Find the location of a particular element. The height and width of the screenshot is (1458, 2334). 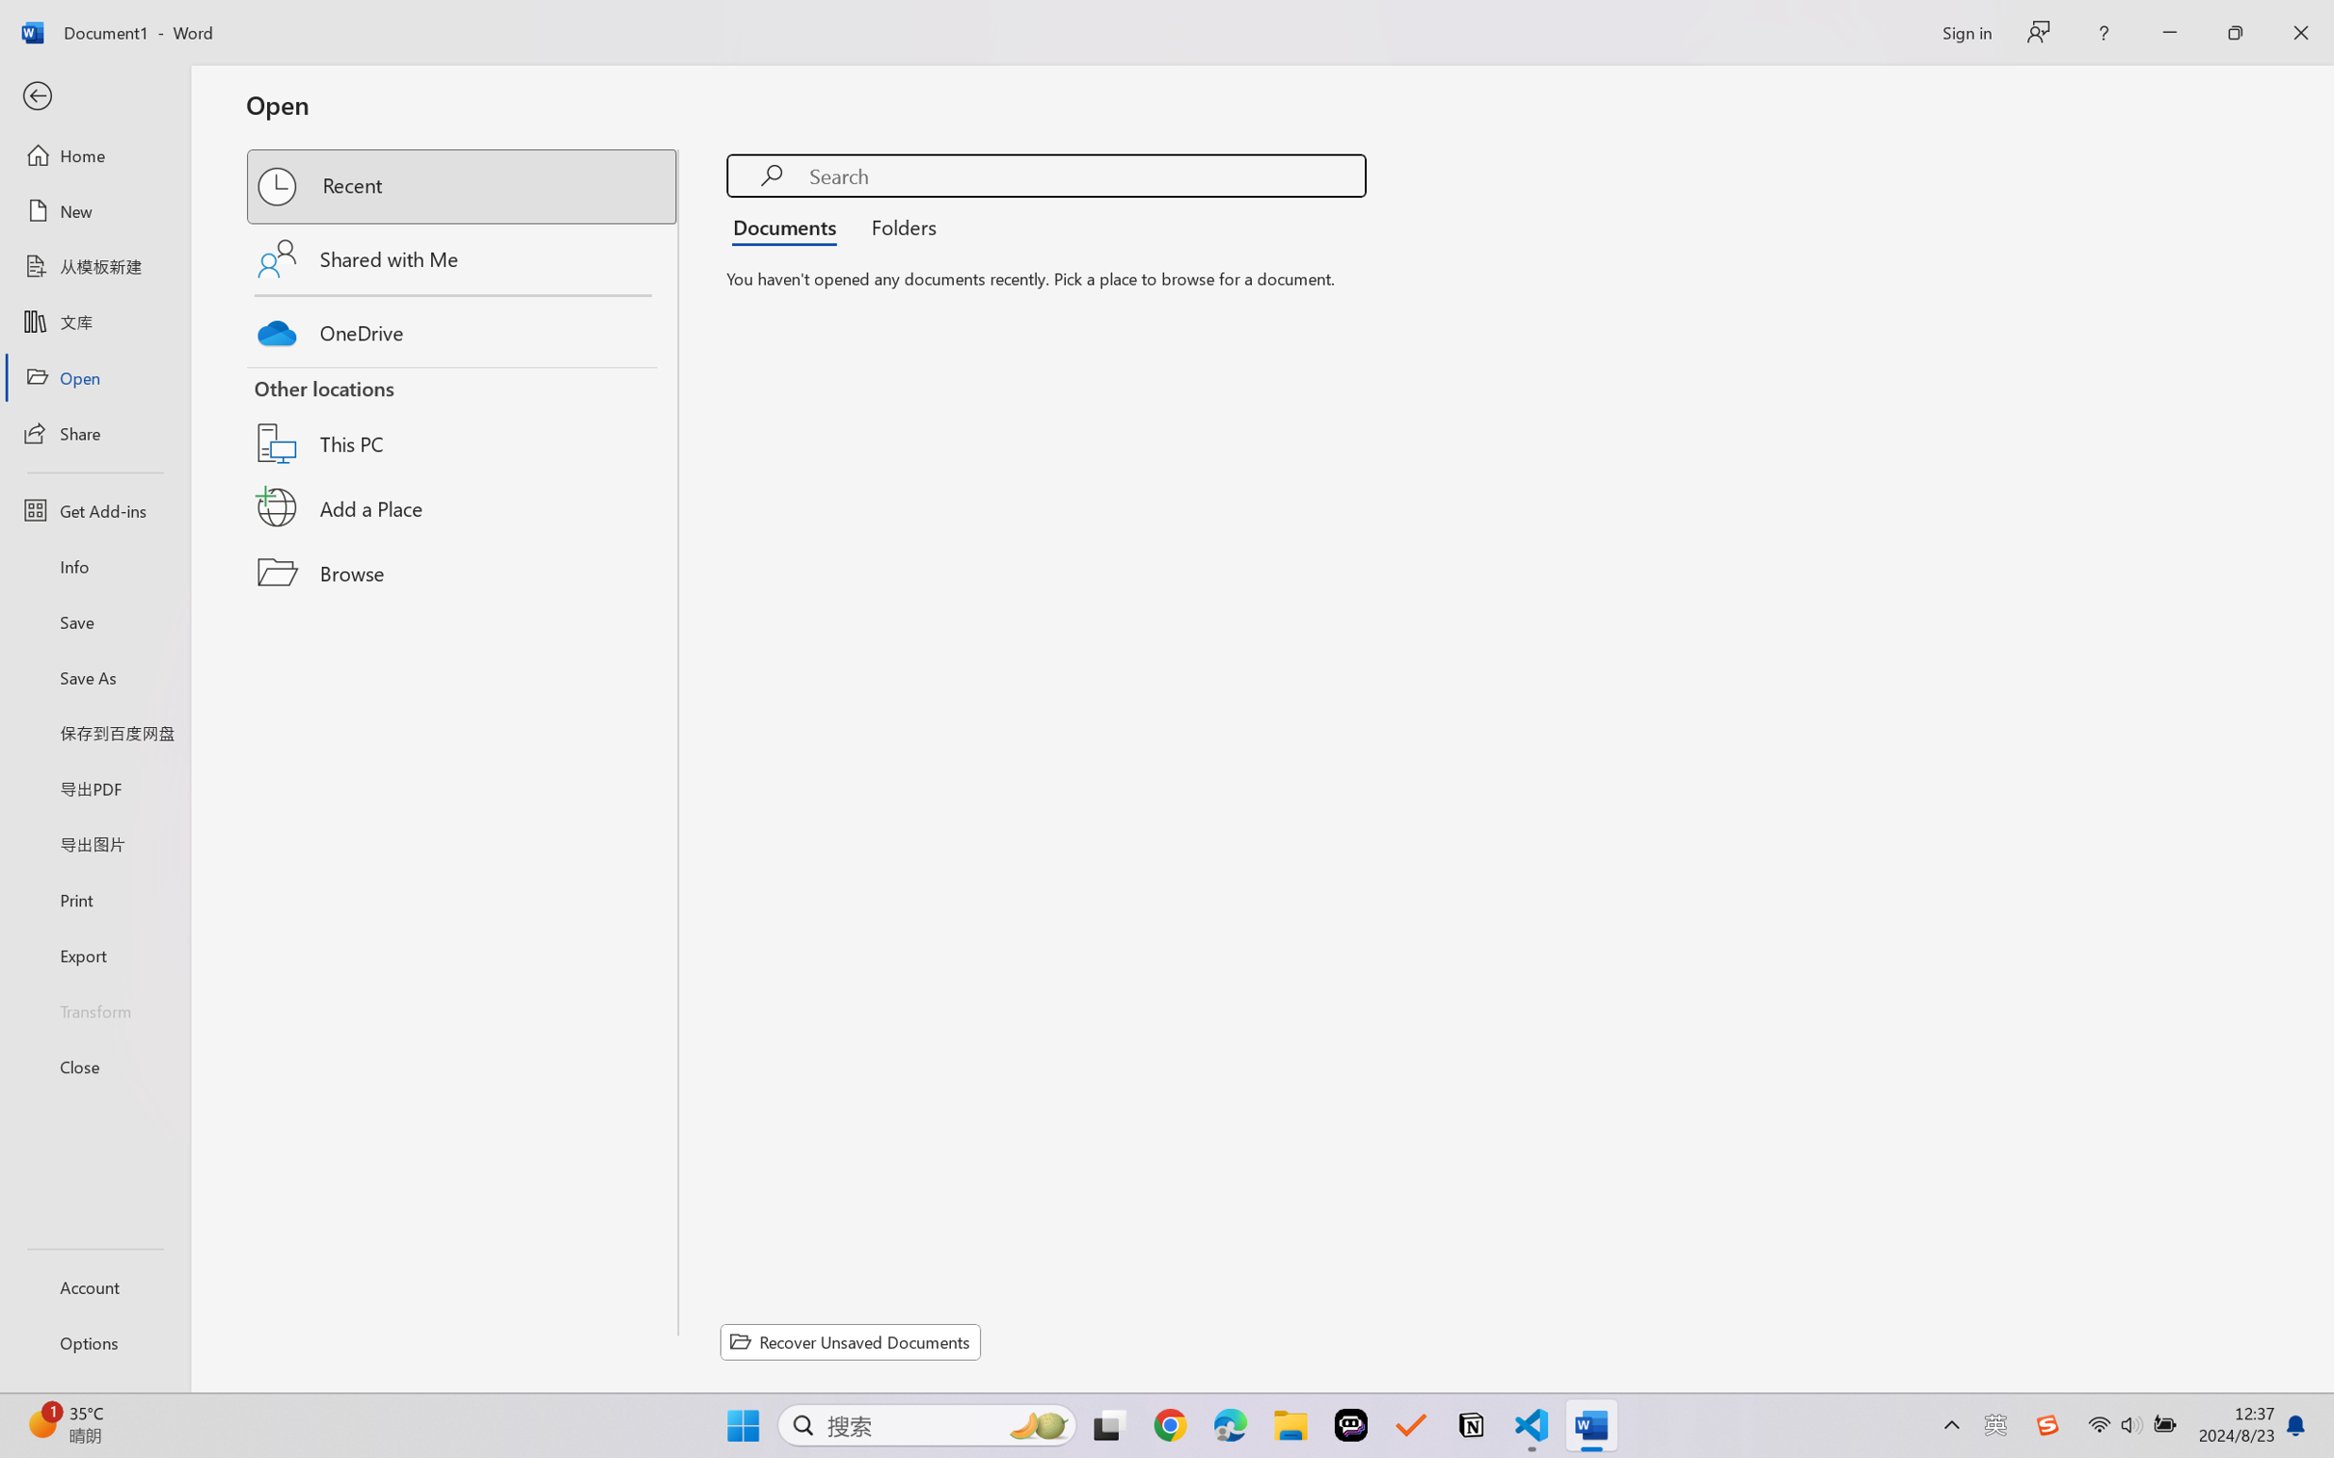

'Recent' is located at coordinates (463, 185).